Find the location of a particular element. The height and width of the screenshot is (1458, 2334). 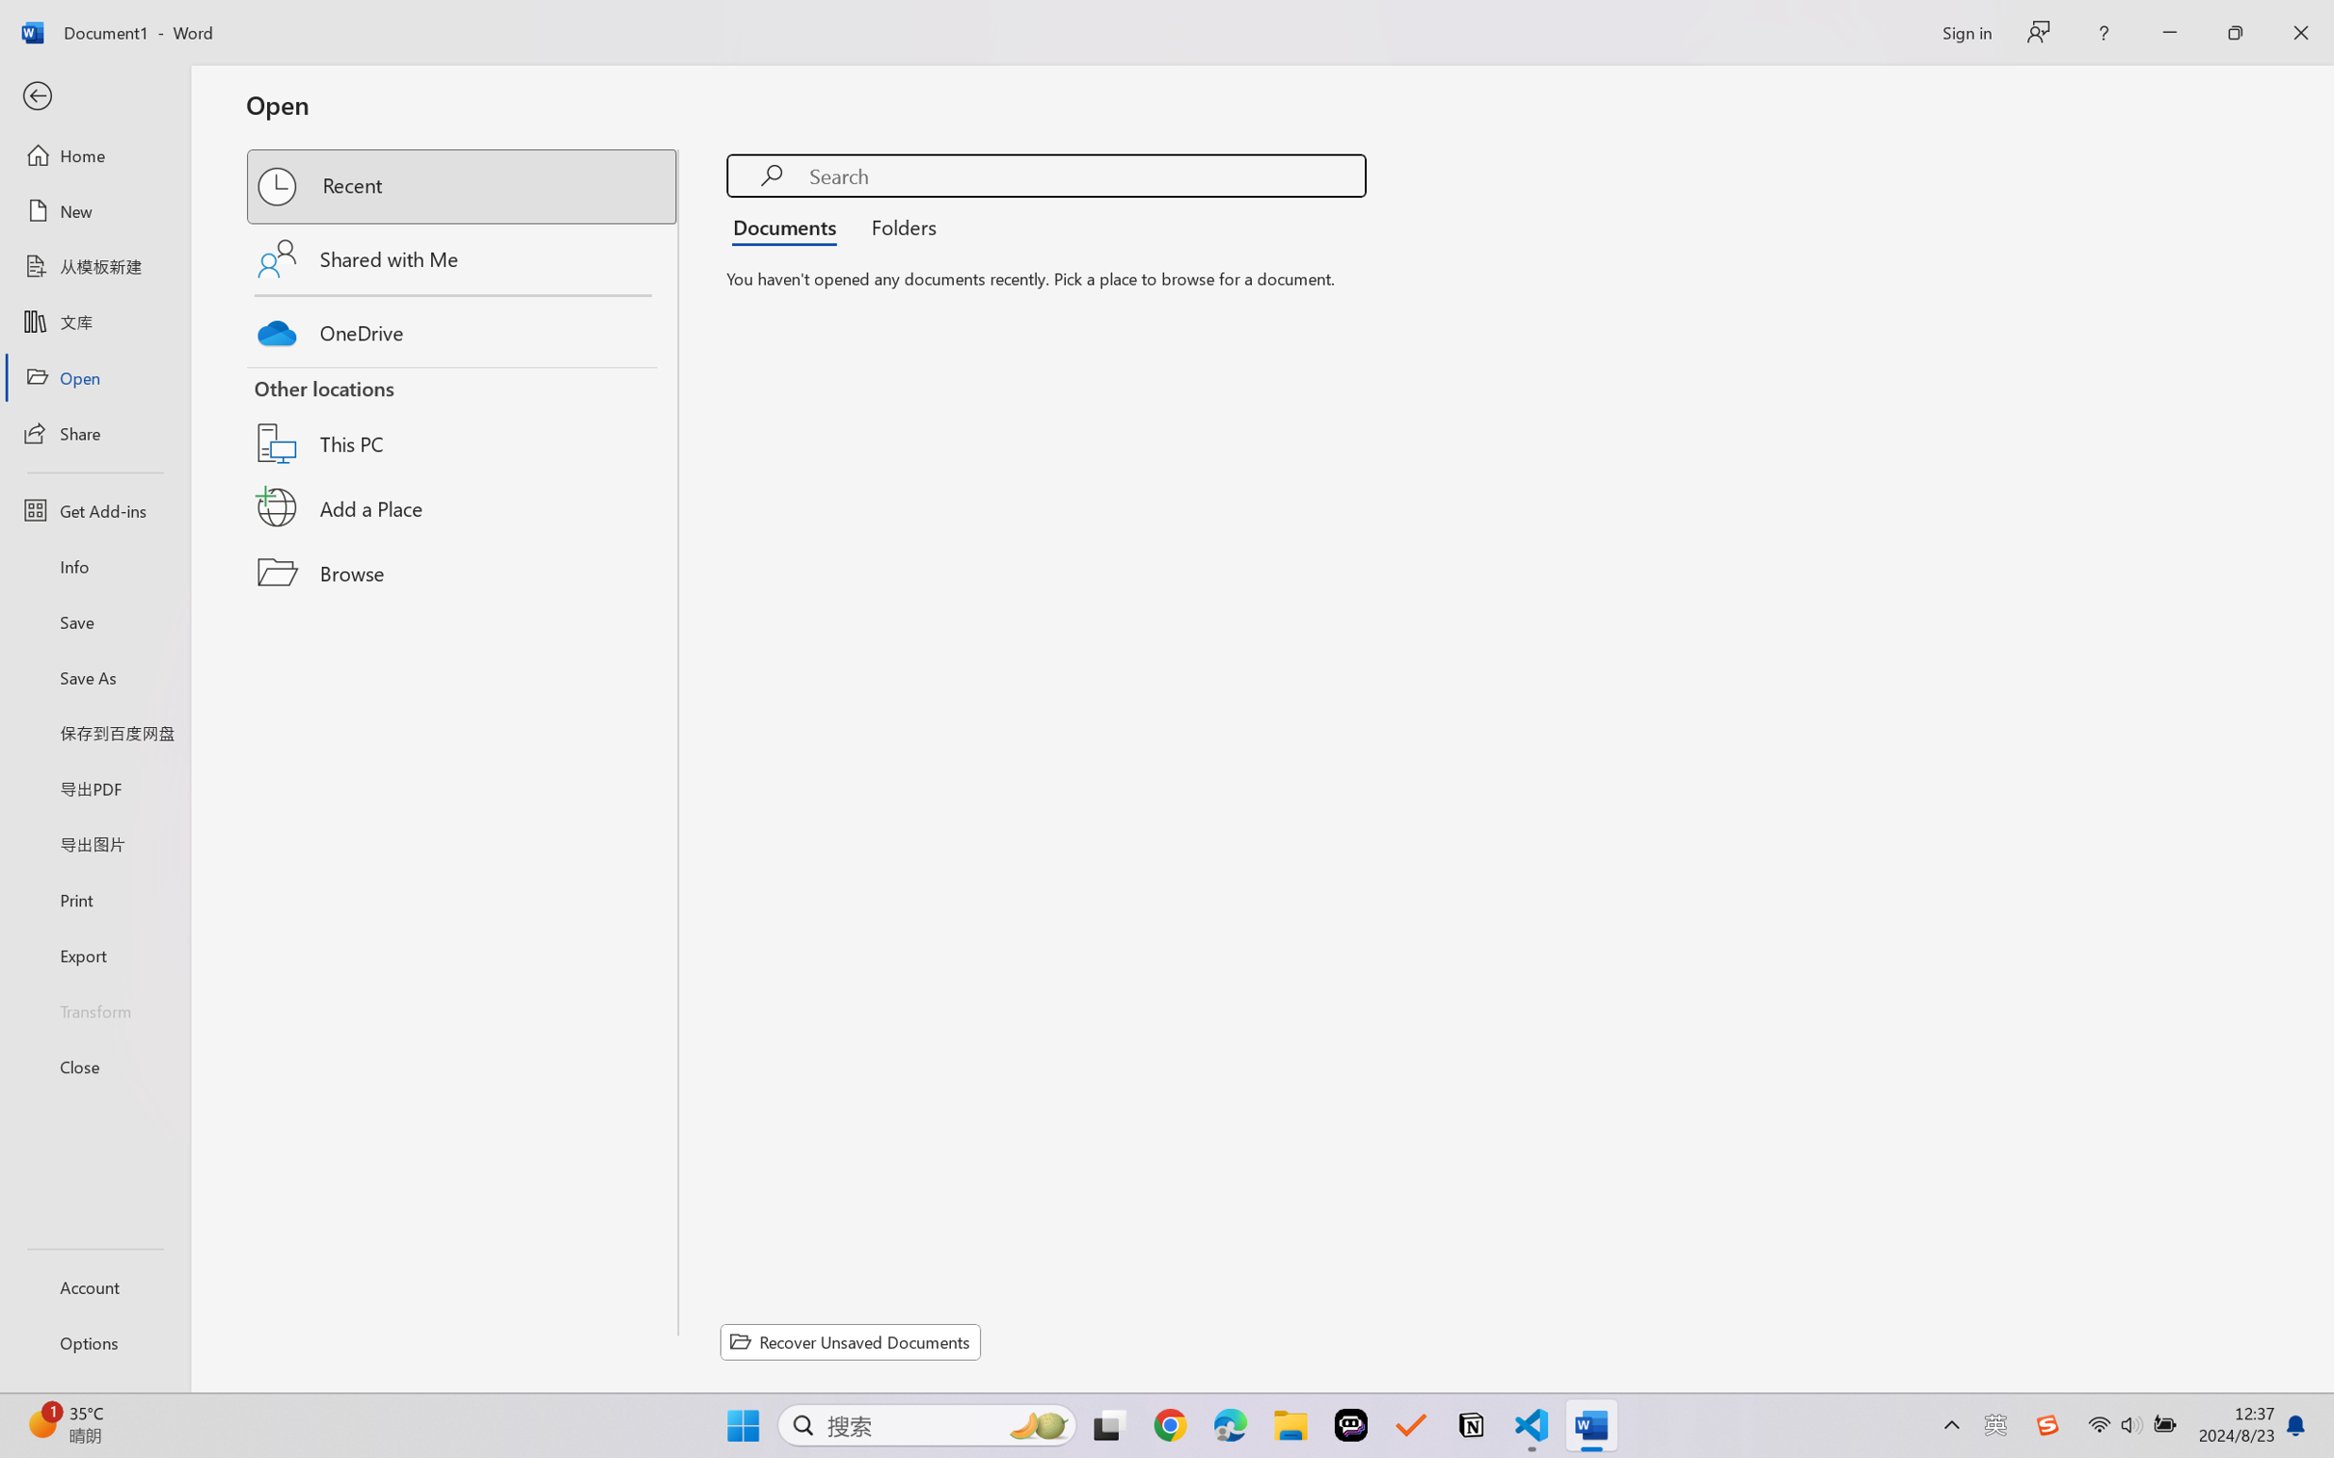

'Recent' is located at coordinates (463, 185).